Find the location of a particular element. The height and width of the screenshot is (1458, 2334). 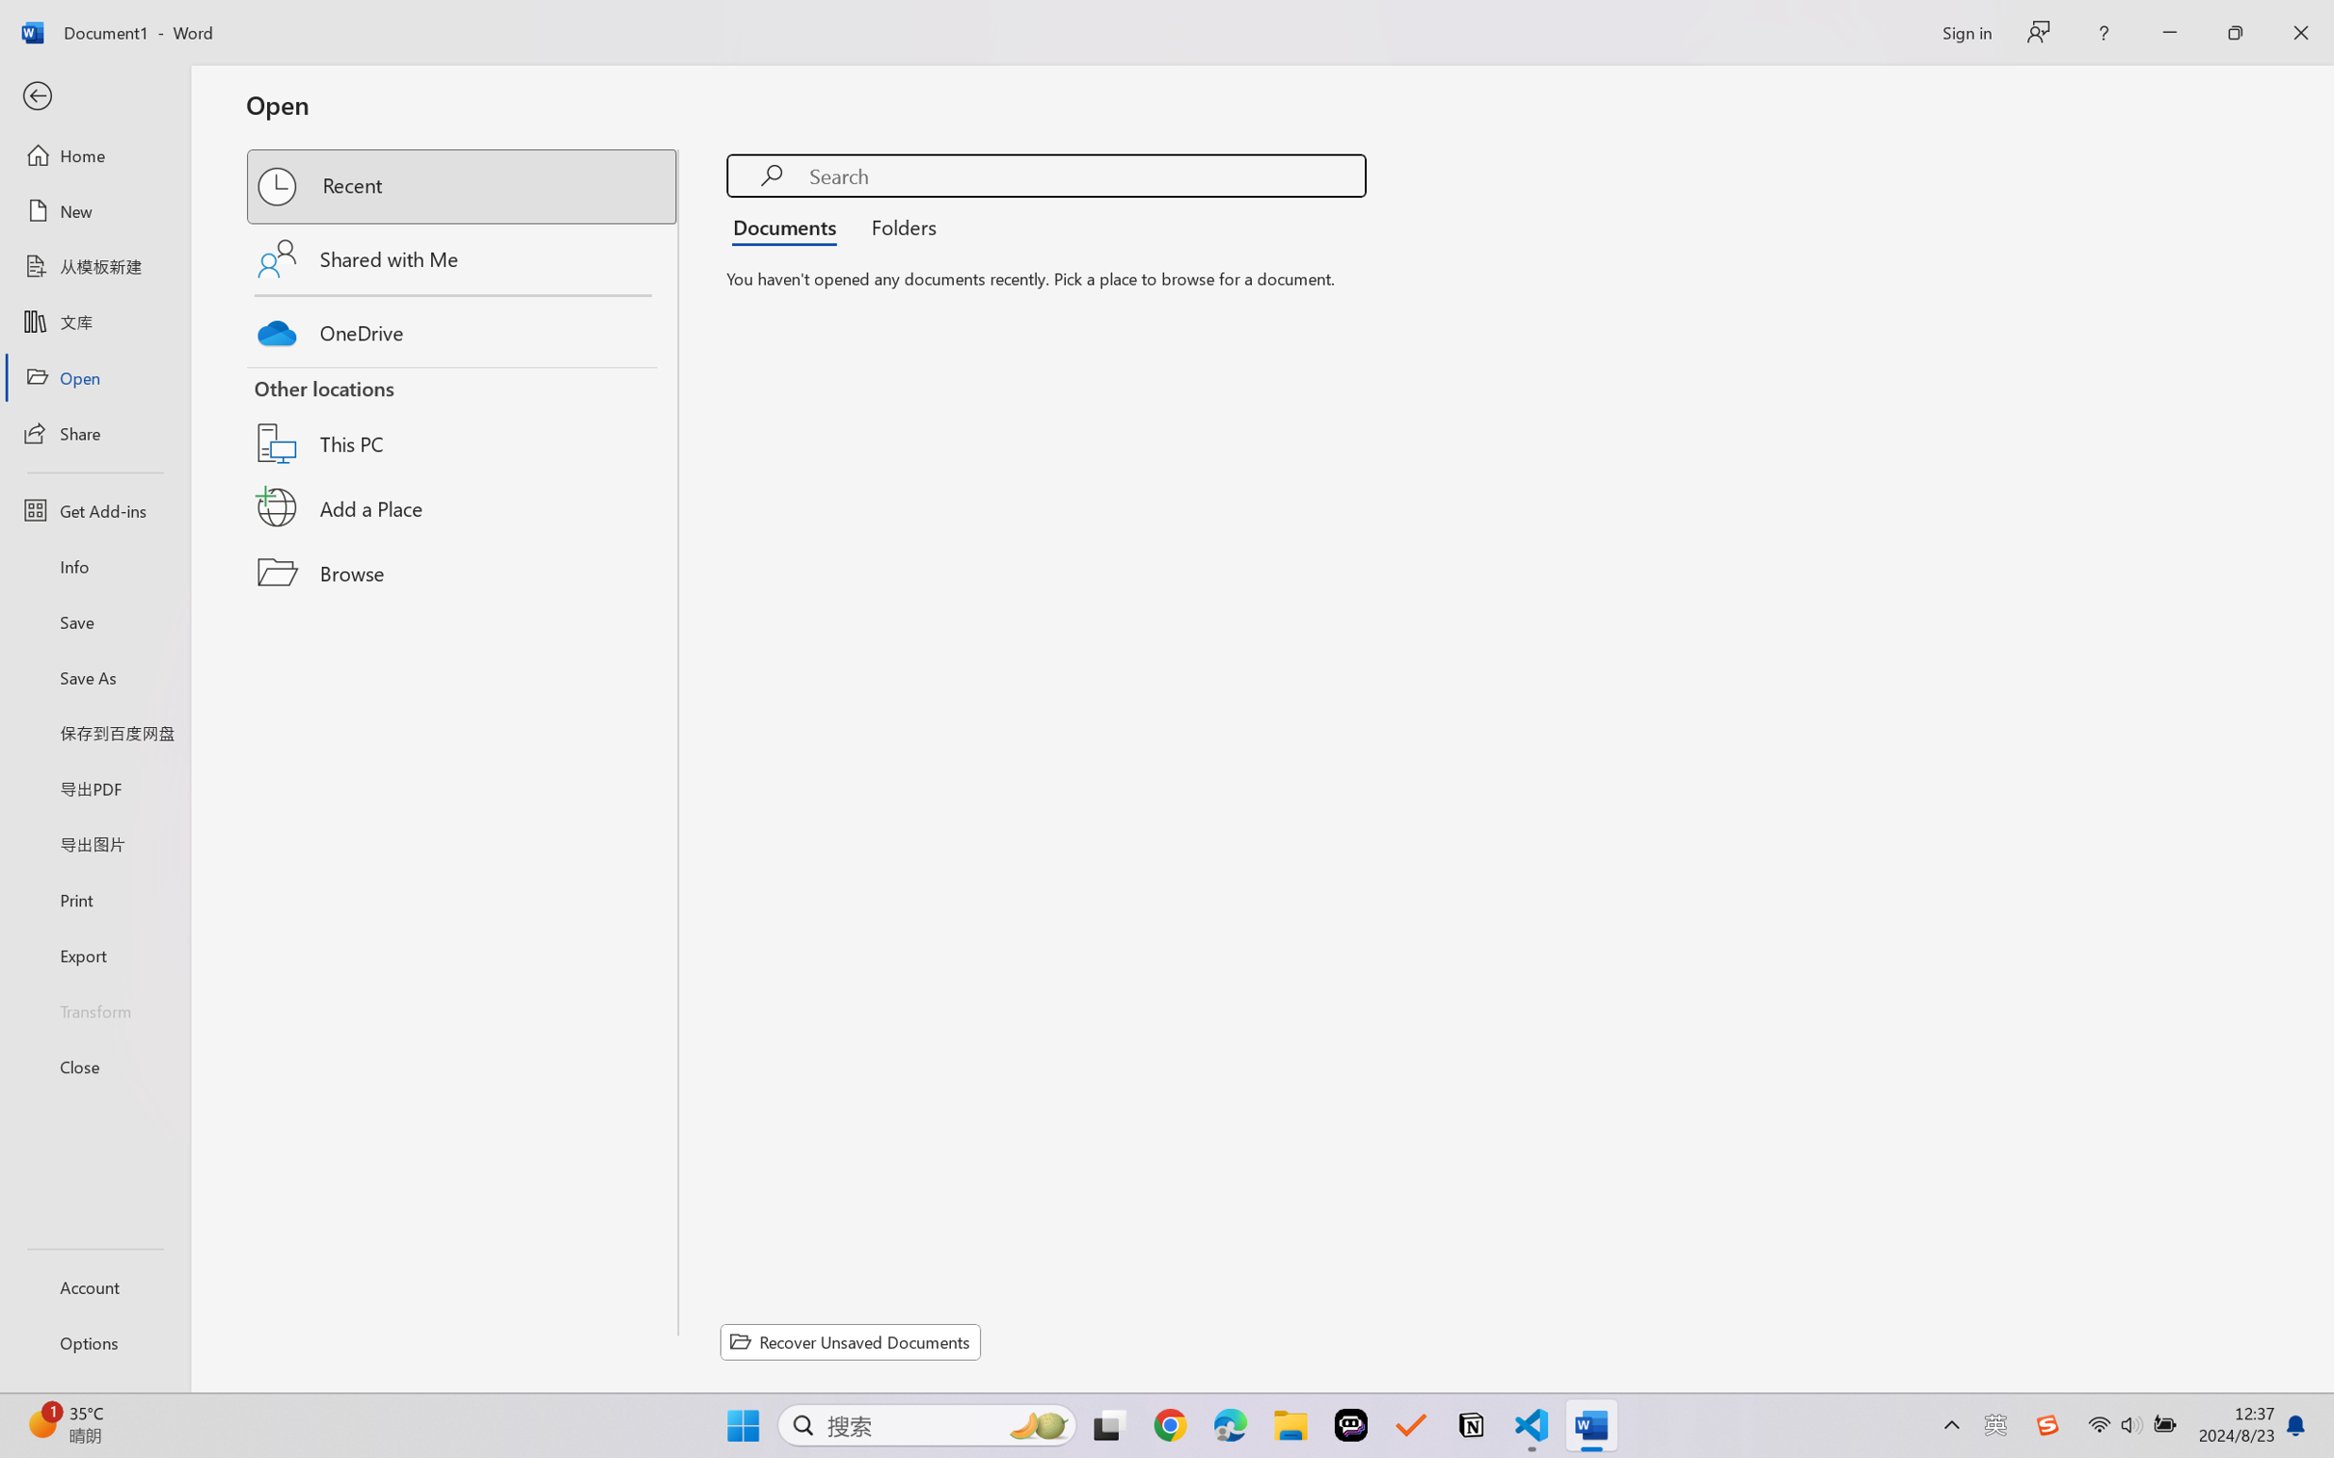

'Recent' is located at coordinates (463, 185).